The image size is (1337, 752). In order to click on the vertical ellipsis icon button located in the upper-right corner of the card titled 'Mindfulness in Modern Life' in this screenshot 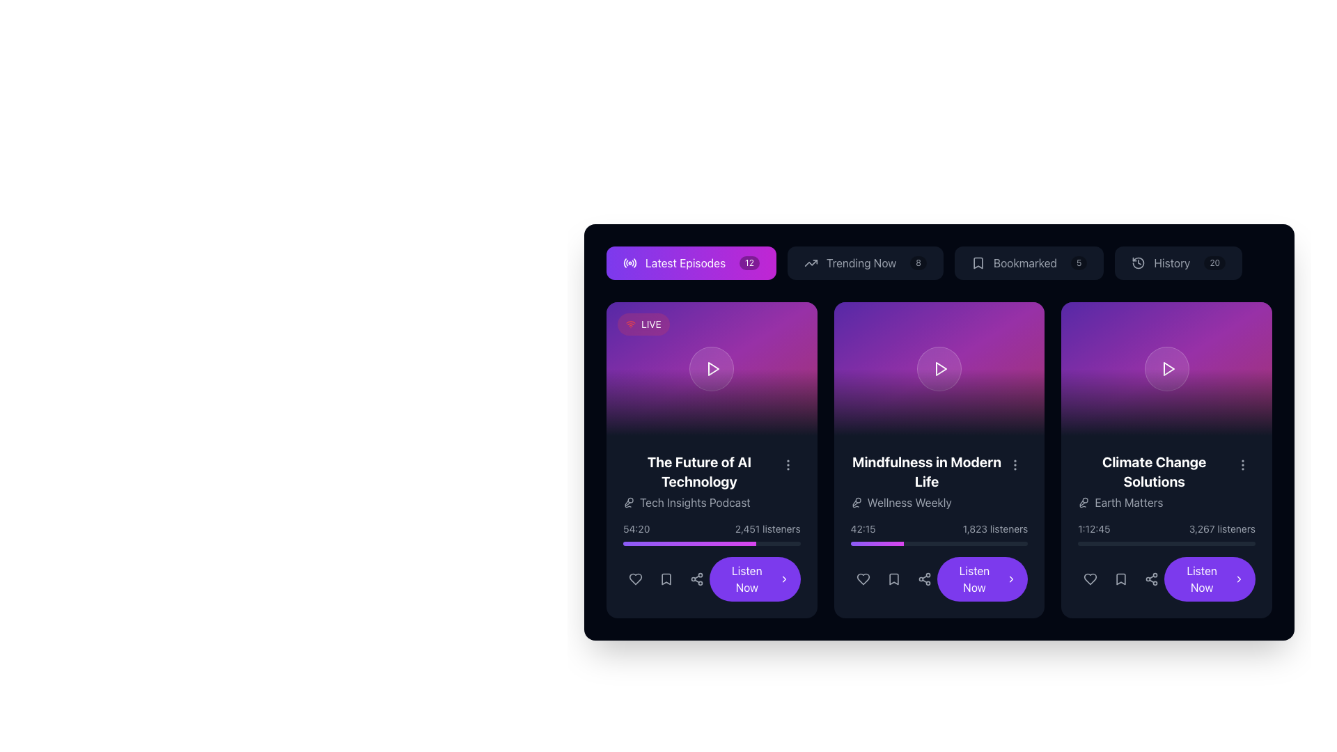, I will do `click(1015, 464)`.